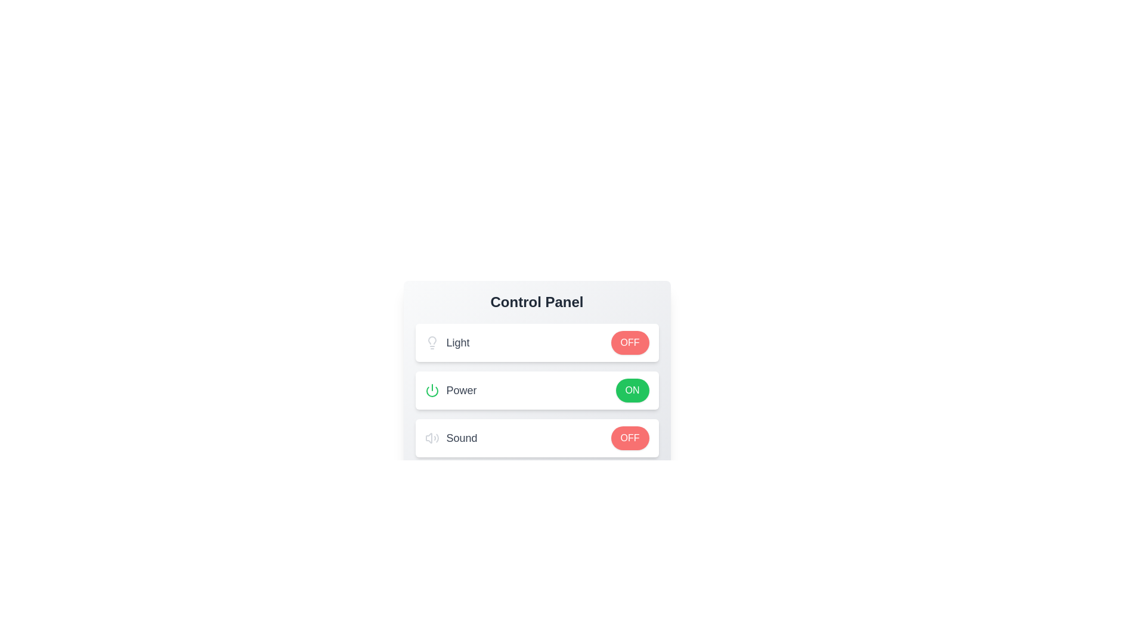  I want to click on button corresponding to the control Sound and state ON, so click(632, 438).